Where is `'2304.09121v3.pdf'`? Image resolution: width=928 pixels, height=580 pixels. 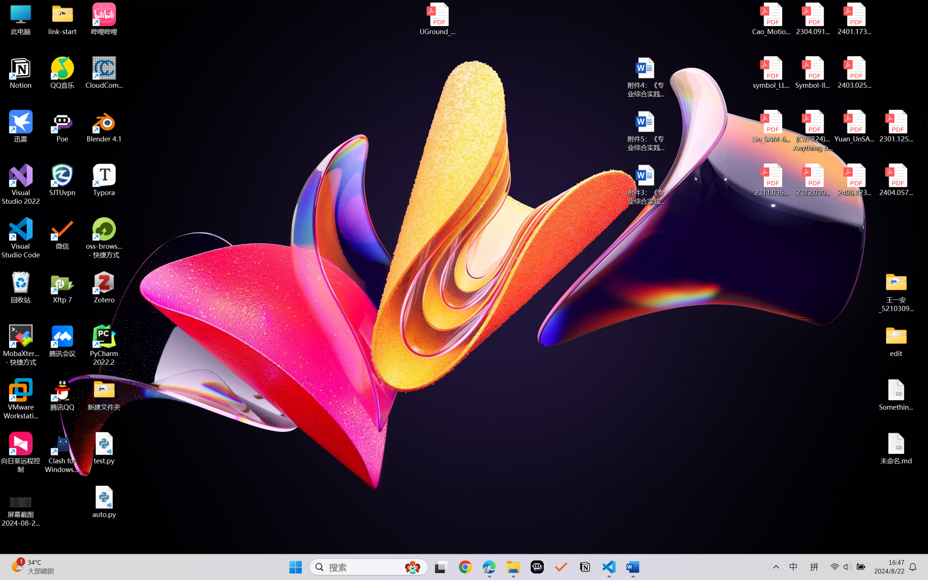 '2304.09121v3.pdf' is located at coordinates (812, 19).